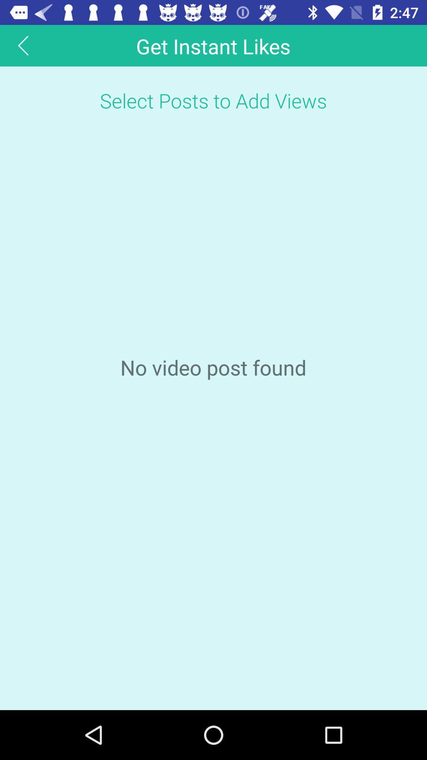  Describe the element at coordinates (23, 45) in the screenshot. I see `icon next to the get instant likes` at that location.